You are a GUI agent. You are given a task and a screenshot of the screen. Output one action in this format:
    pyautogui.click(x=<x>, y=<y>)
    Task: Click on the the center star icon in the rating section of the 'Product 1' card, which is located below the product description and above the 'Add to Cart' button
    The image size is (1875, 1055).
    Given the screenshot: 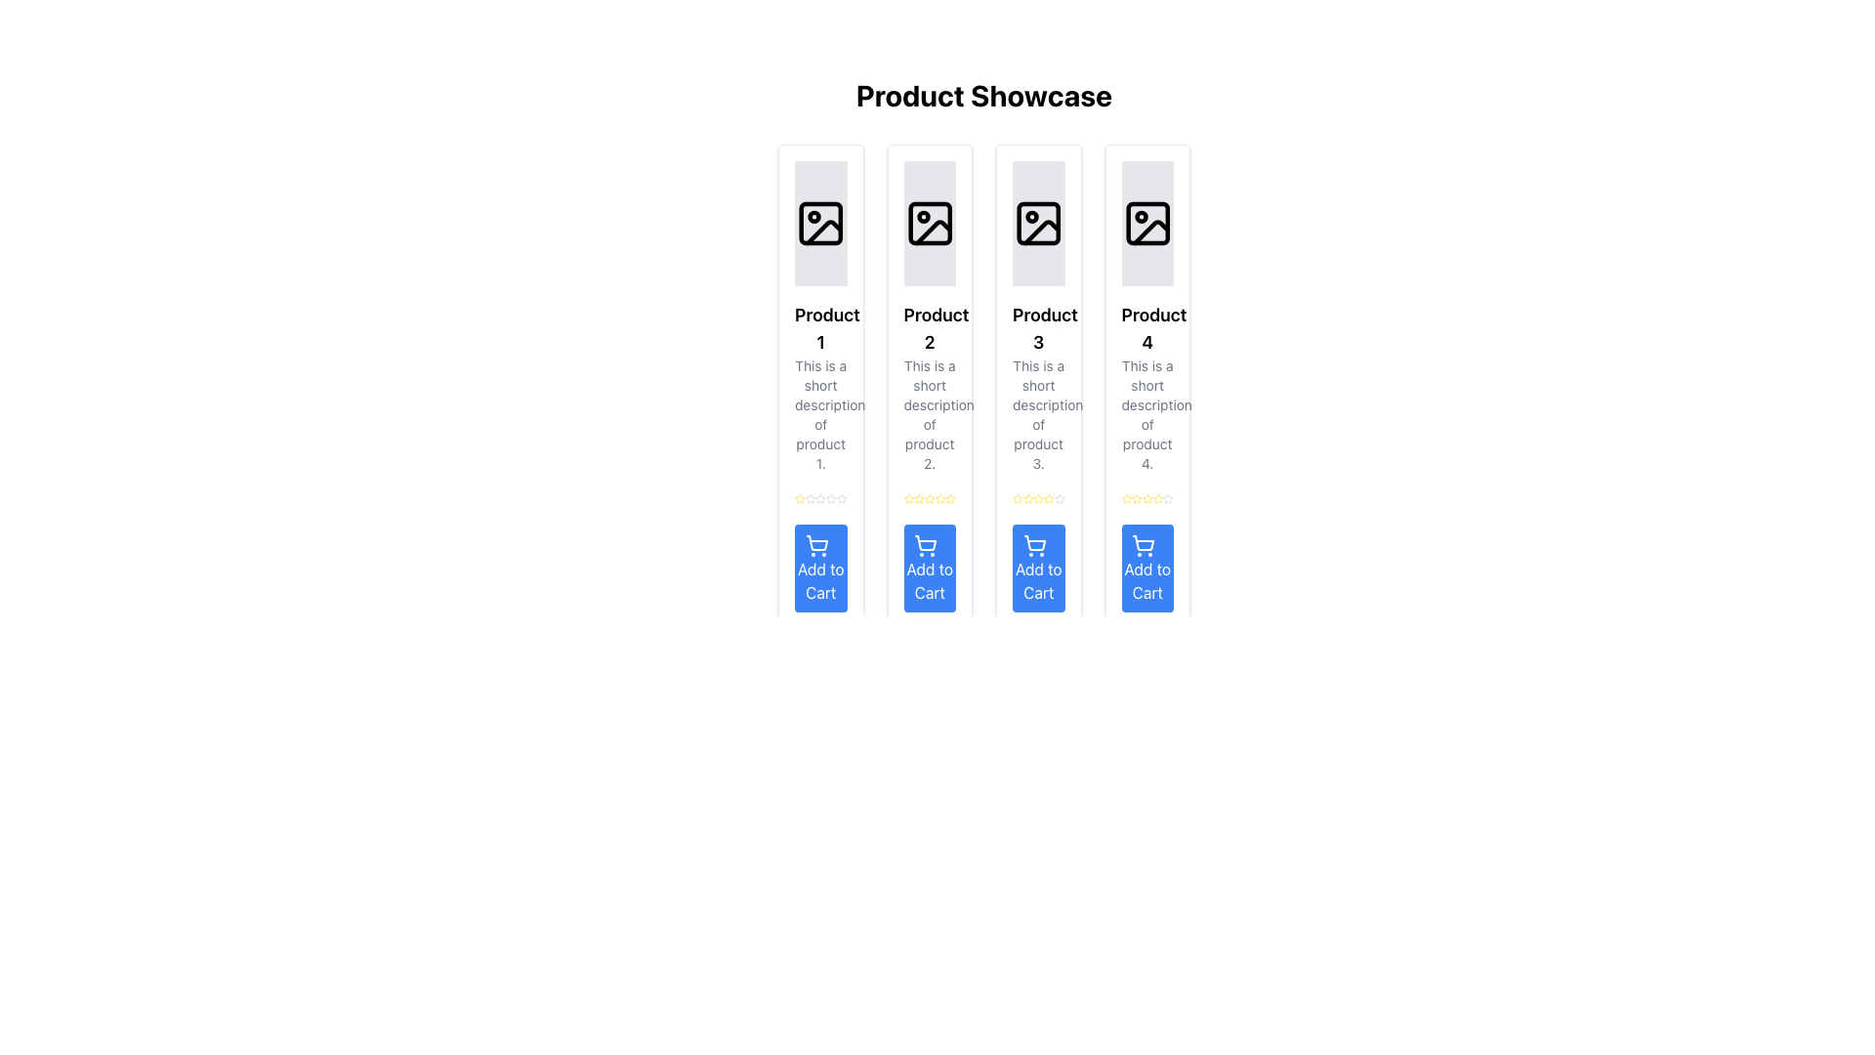 What is the action you would take?
    pyautogui.click(x=820, y=497)
    